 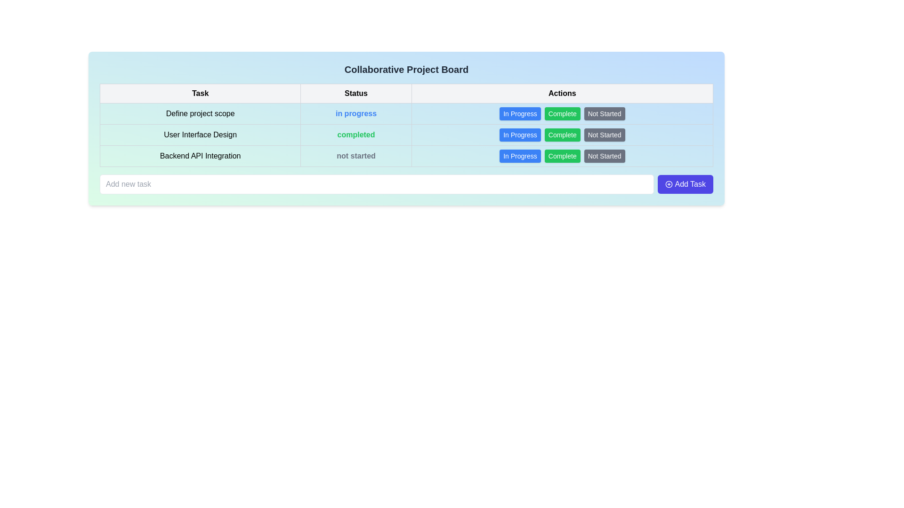 What do you see at coordinates (355, 135) in the screenshot?
I see `the 'completed' text label in the 'Status' column of the 'User Interface Design' row in the 'Collaborative Project Board' table` at bounding box center [355, 135].